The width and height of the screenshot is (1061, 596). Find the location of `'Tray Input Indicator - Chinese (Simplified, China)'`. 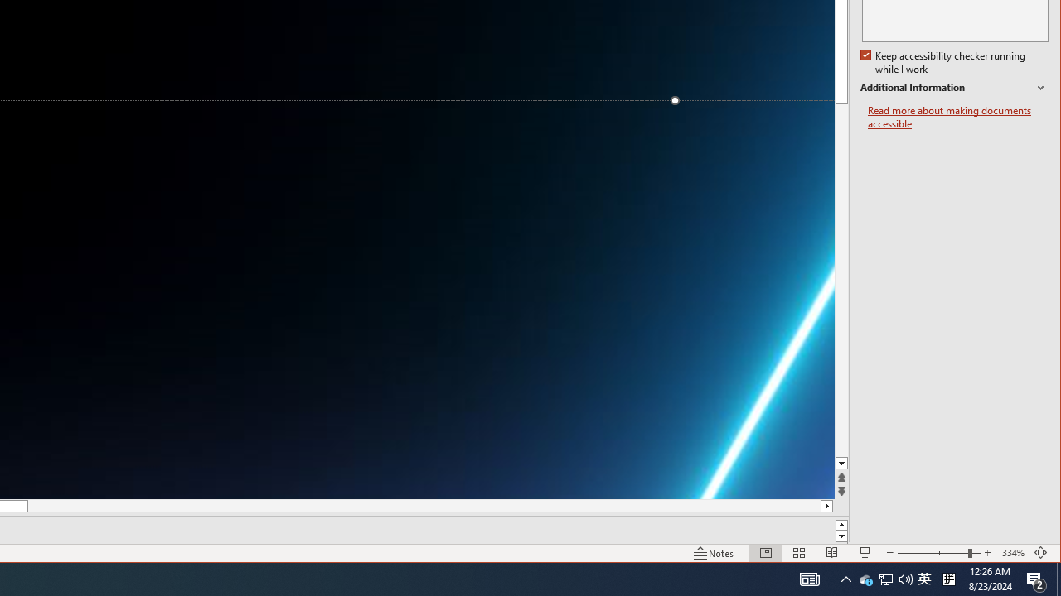

'Tray Input Indicator - Chinese (Simplified, China)' is located at coordinates (948, 578).